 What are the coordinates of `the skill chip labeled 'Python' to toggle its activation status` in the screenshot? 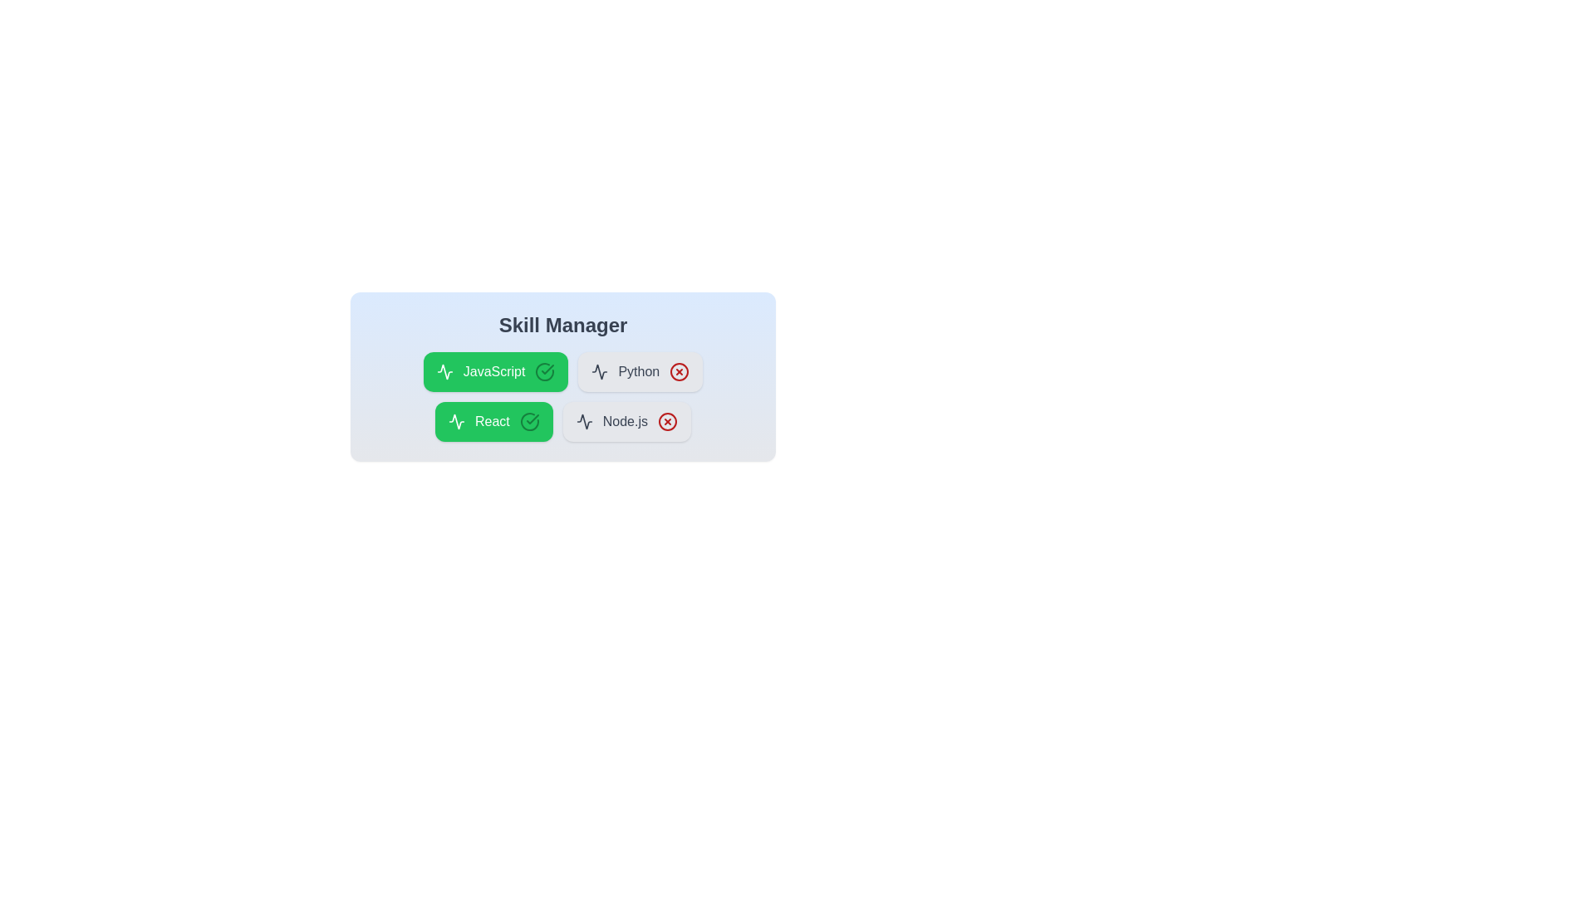 It's located at (640, 370).